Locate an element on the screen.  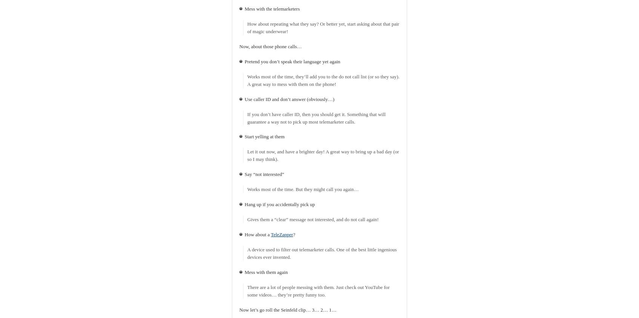
'Mess with them again' is located at coordinates (266, 272).